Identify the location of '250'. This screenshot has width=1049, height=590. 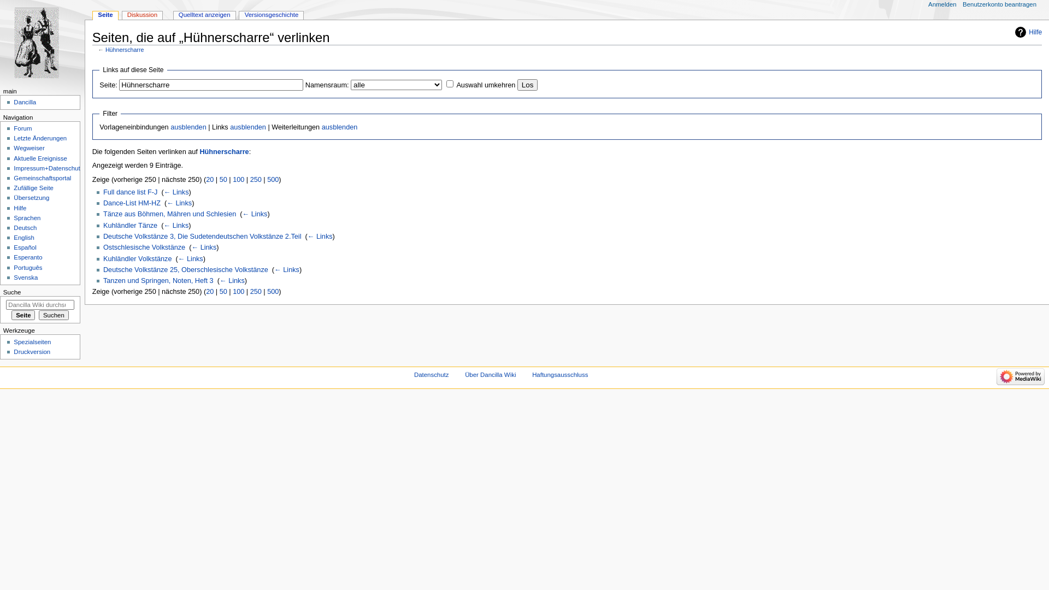
(249, 179).